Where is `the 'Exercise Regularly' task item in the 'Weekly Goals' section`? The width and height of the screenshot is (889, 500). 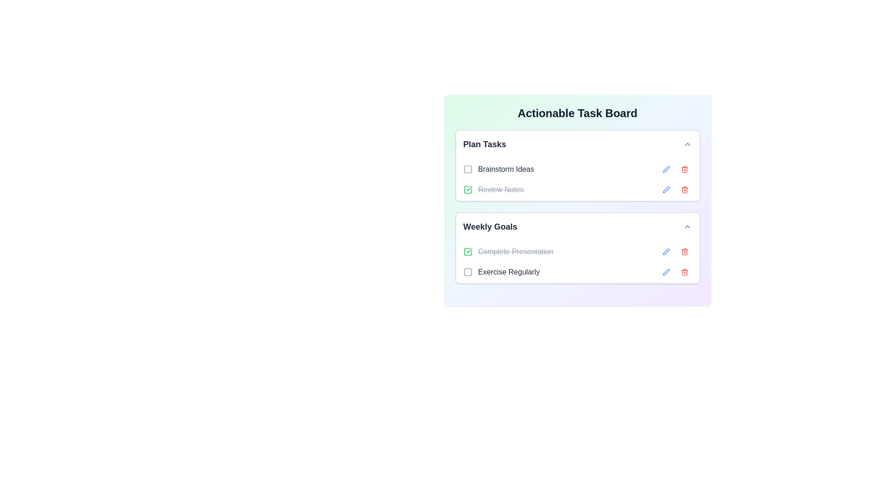 the 'Exercise Regularly' task item in the 'Weekly Goals' section is located at coordinates (577, 271).